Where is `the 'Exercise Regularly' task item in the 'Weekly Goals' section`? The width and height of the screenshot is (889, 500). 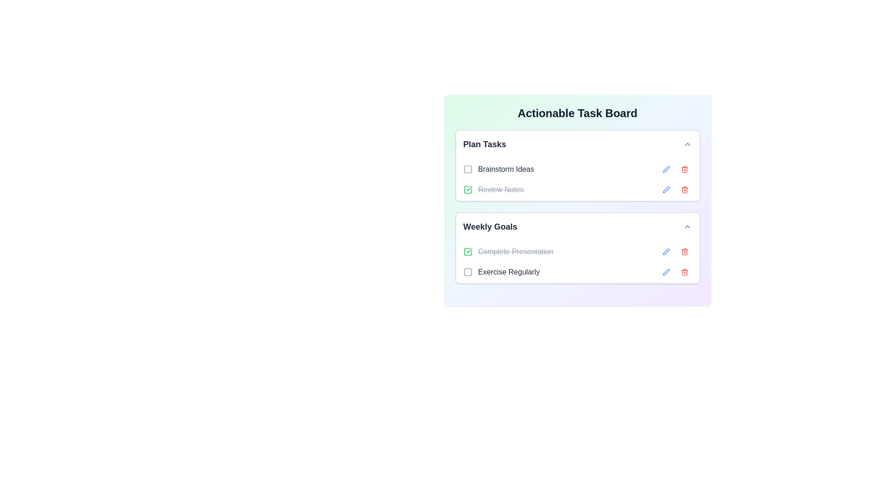 the 'Exercise Regularly' task item in the 'Weekly Goals' section is located at coordinates (577, 271).